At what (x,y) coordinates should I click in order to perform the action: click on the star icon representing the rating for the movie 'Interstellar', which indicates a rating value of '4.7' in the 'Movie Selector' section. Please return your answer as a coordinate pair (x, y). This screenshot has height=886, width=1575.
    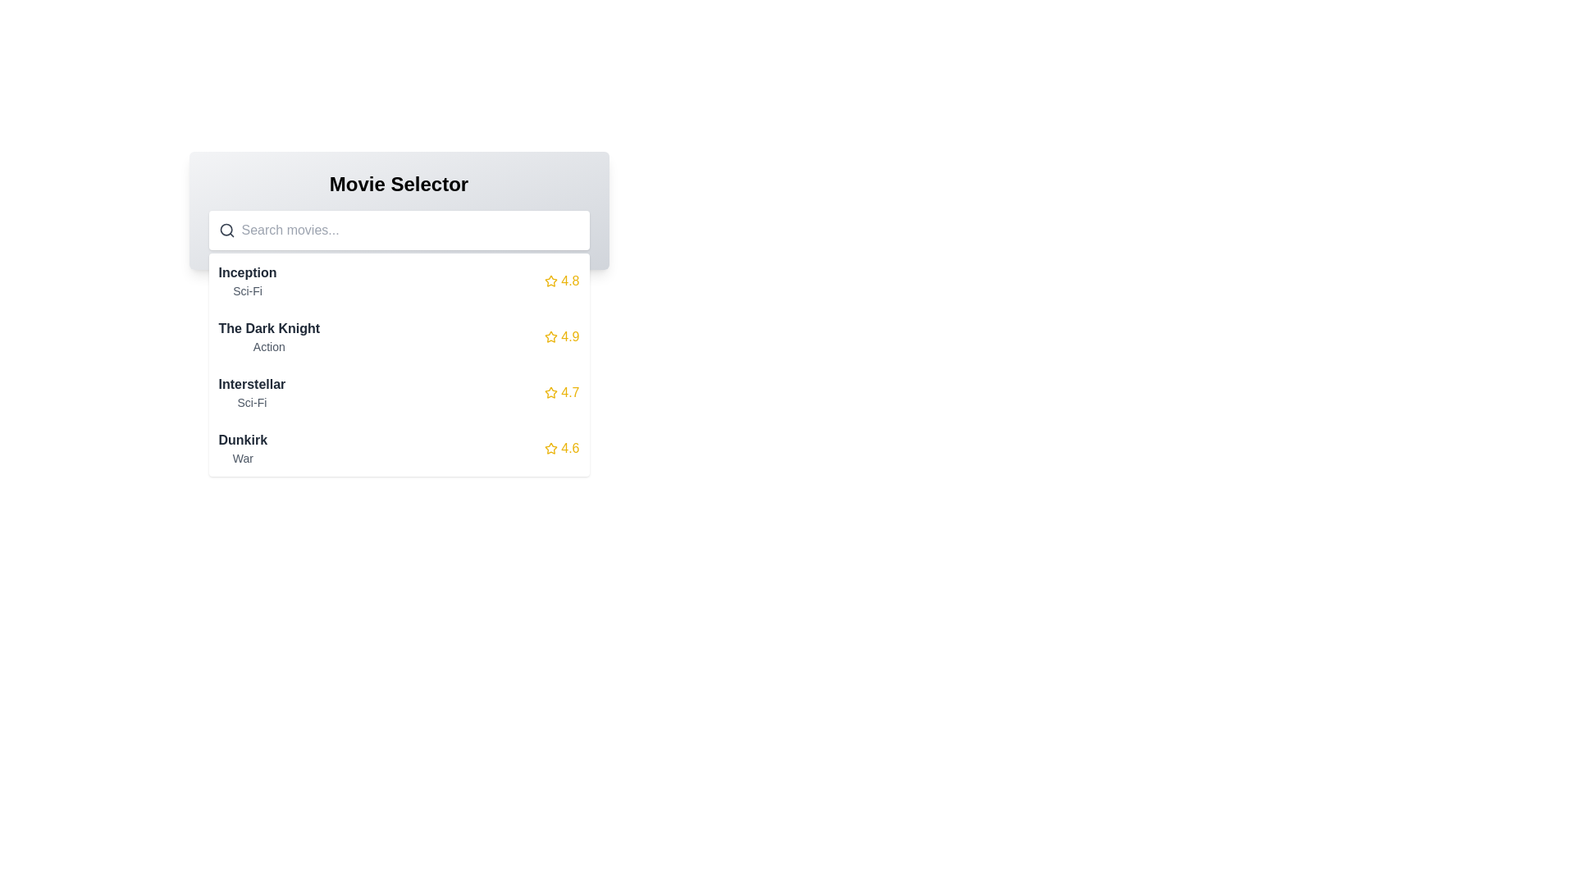
    Looking at the image, I should click on (551, 392).